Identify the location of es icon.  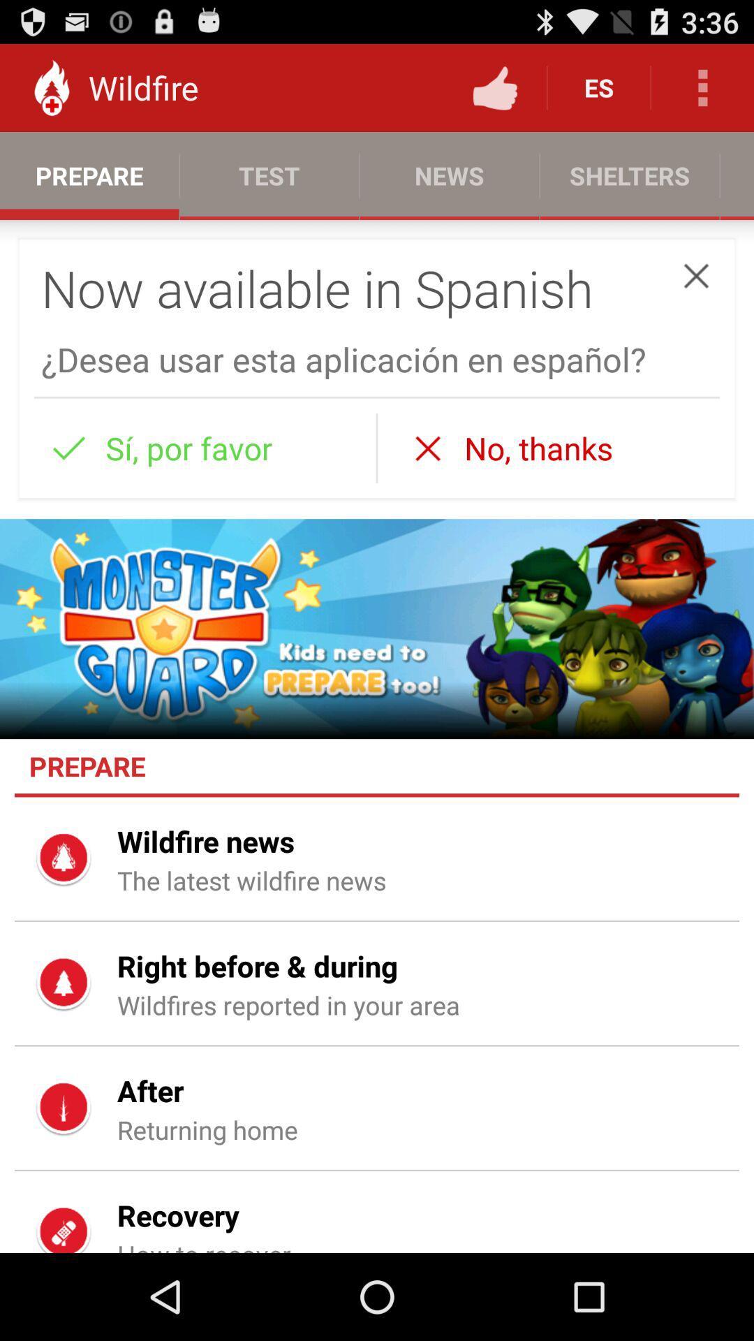
(598, 87).